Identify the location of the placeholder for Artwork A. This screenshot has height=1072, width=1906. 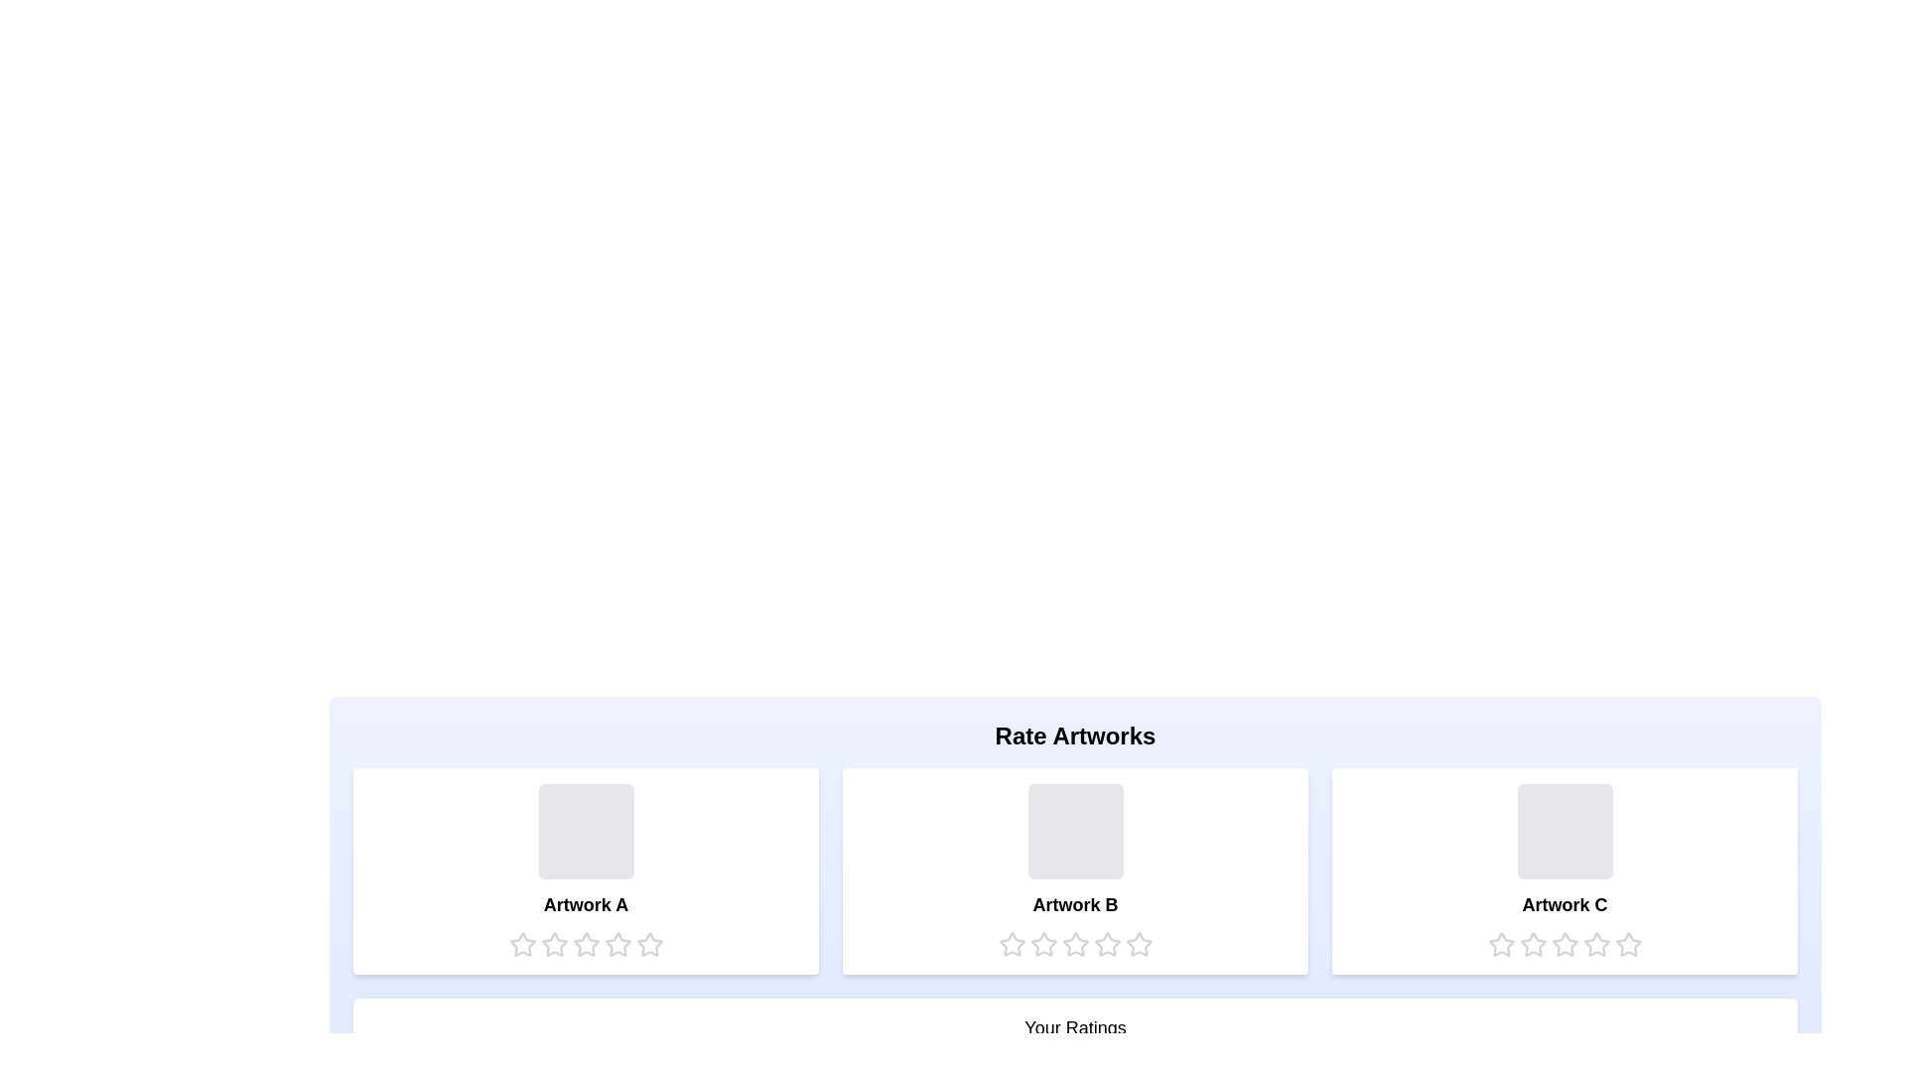
(585, 831).